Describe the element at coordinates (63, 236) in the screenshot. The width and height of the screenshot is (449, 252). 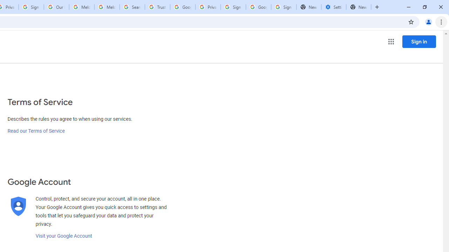
I see `'Visit your Google Account'` at that location.